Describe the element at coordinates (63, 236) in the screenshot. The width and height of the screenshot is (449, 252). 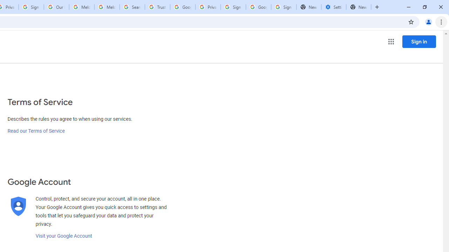
I see `'Visit your Google Account'` at that location.